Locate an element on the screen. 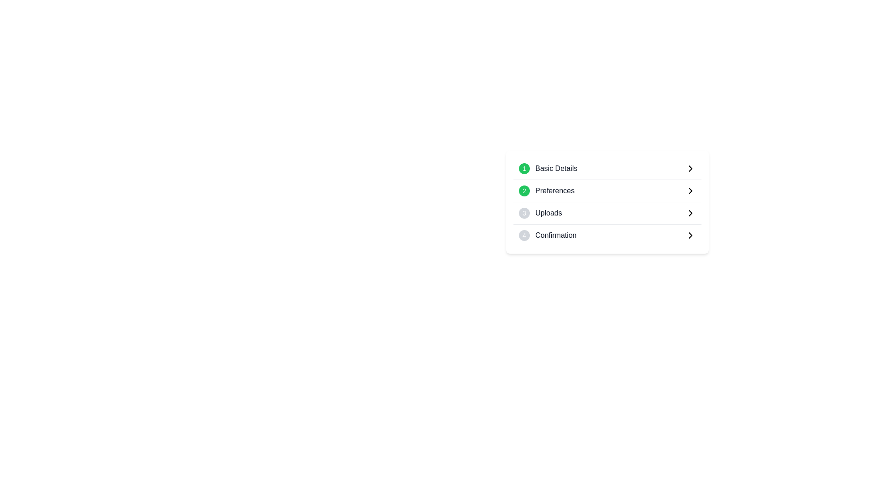 This screenshot has height=491, width=874. the circular badge with a light gray background containing the digit '3' in white text, located to the left of the 'Uploads' text is located at coordinates (524, 213).